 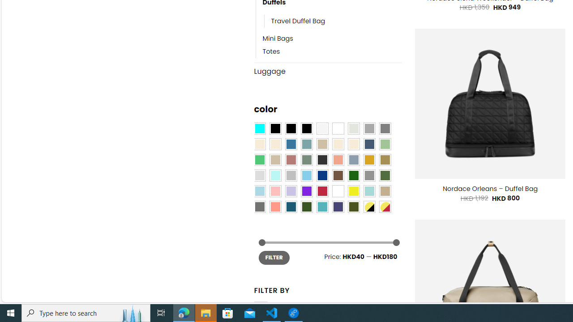 What do you see at coordinates (306, 176) in the screenshot?
I see `'Sky Blue'` at bounding box center [306, 176].